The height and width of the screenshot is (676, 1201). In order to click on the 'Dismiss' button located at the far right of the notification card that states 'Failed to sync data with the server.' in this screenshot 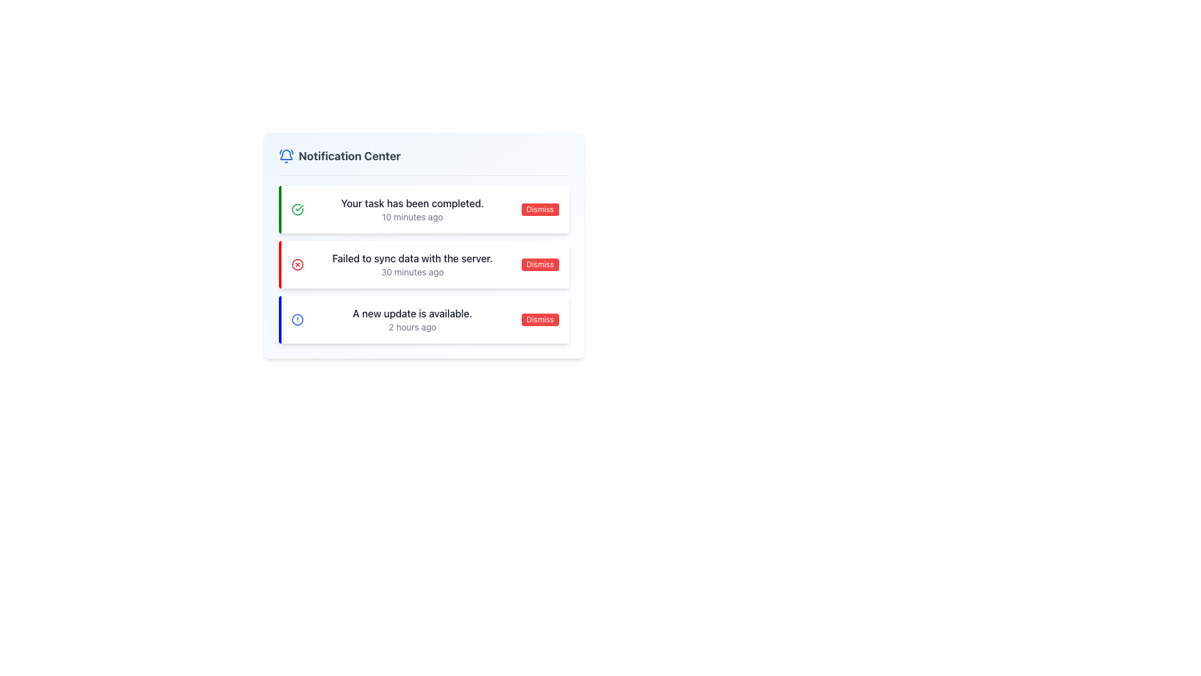, I will do `click(540, 264)`.